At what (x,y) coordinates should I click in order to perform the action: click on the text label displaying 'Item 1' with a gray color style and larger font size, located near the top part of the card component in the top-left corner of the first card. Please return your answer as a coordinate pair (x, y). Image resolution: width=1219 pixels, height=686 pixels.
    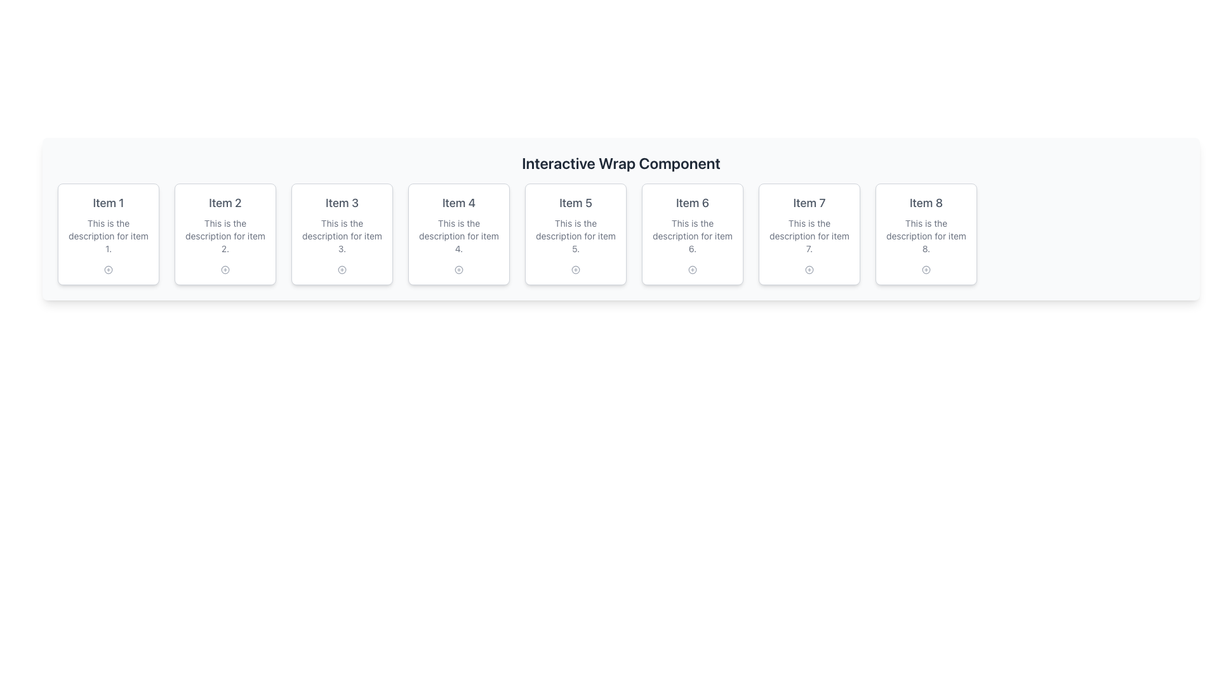
    Looking at the image, I should click on (109, 203).